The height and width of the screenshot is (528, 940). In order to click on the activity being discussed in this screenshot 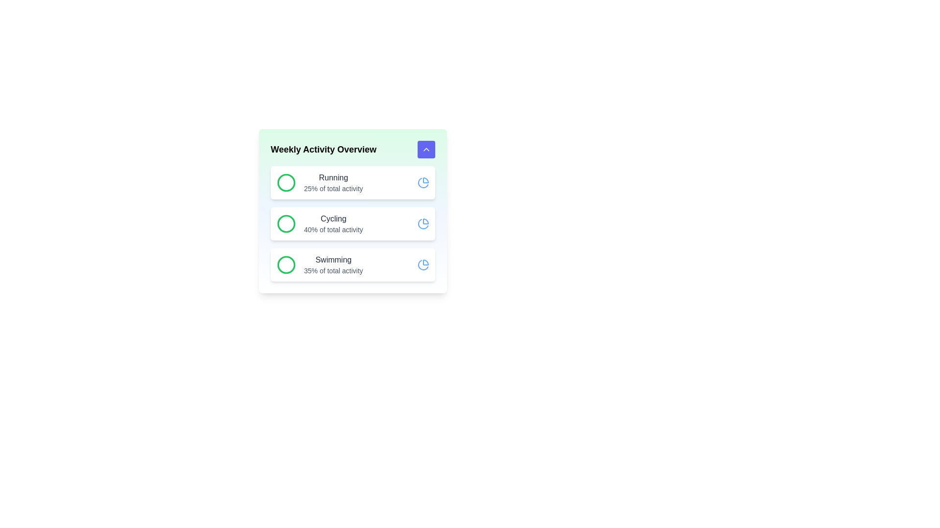, I will do `click(333, 260)`.